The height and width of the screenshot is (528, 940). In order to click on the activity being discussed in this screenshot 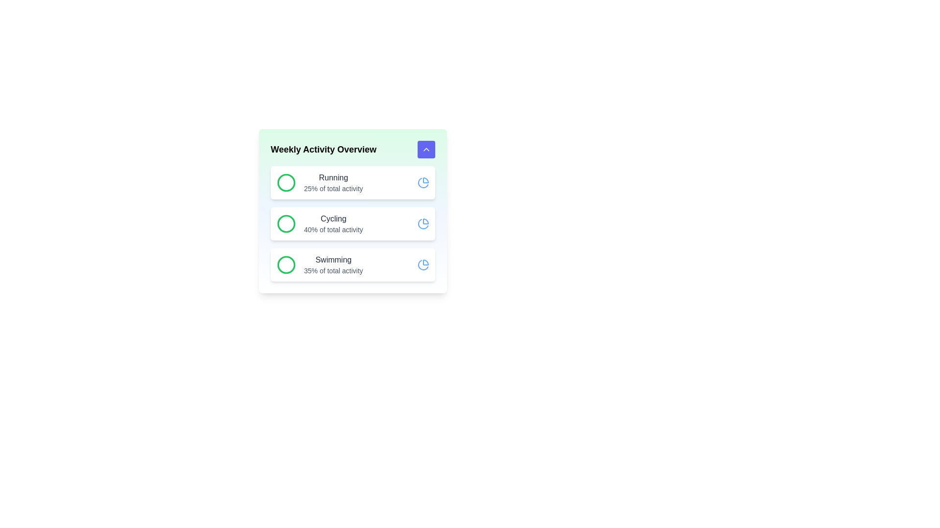, I will do `click(333, 260)`.